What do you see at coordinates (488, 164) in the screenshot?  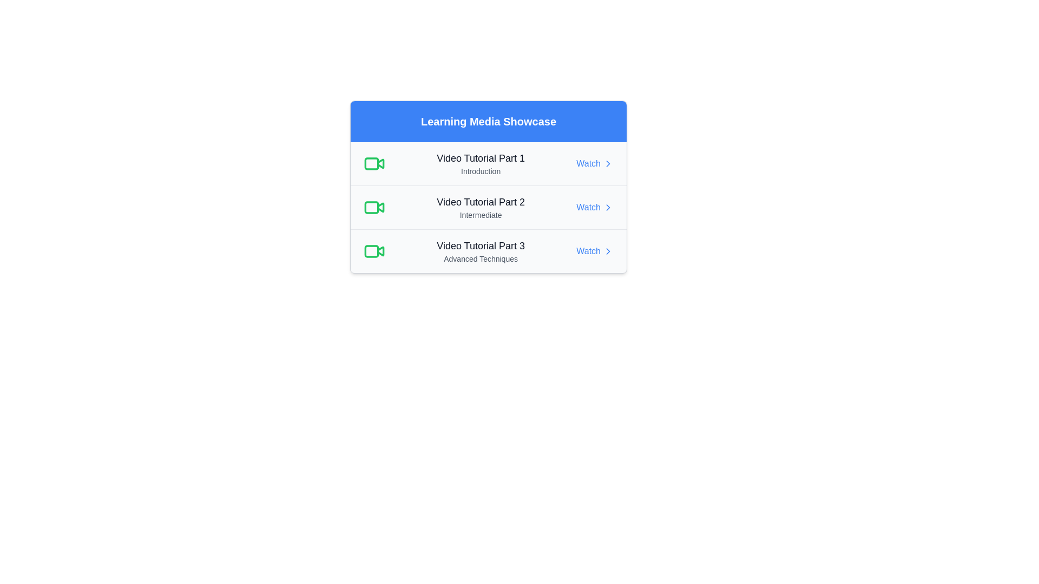 I see `text content of the first video tutorial entry in the 'Learning Media Showcase' card` at bounding box center [488, 164].